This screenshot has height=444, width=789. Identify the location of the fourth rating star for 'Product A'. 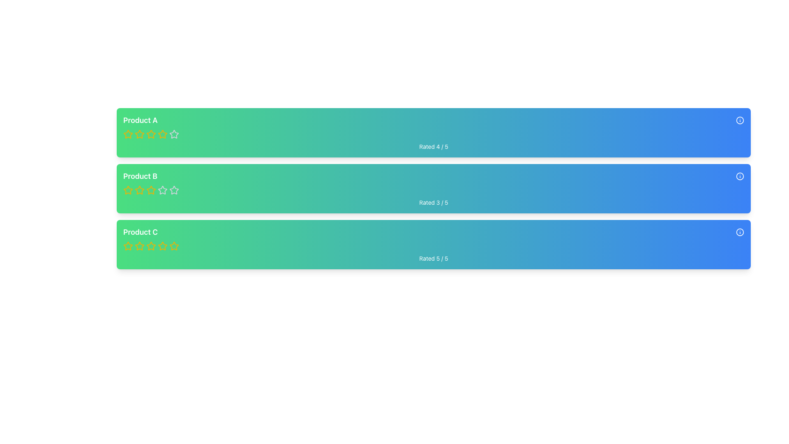
(162, 134).